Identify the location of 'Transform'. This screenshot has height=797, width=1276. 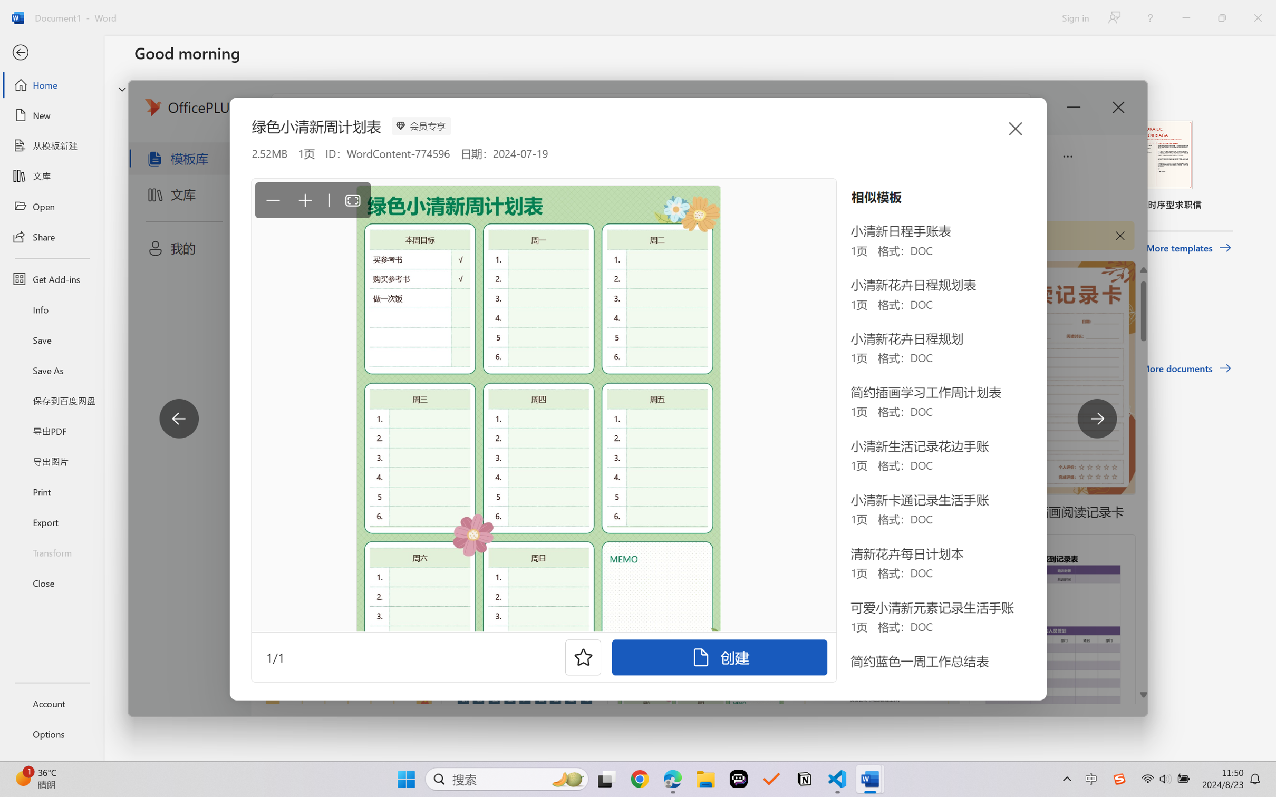
(51, 551).